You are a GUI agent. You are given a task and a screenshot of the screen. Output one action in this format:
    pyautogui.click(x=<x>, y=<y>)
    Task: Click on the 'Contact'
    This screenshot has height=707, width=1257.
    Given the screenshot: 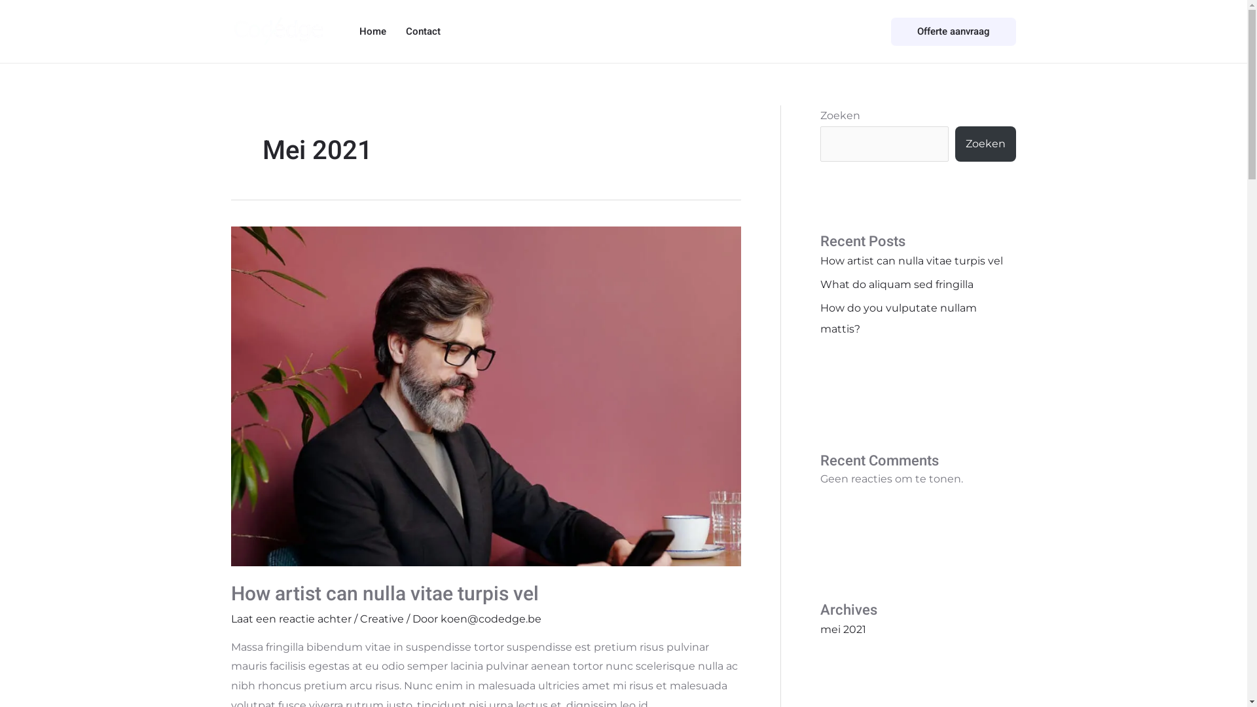 What is the action you would take?
    pyautogui.click(x=422, y=30)
    